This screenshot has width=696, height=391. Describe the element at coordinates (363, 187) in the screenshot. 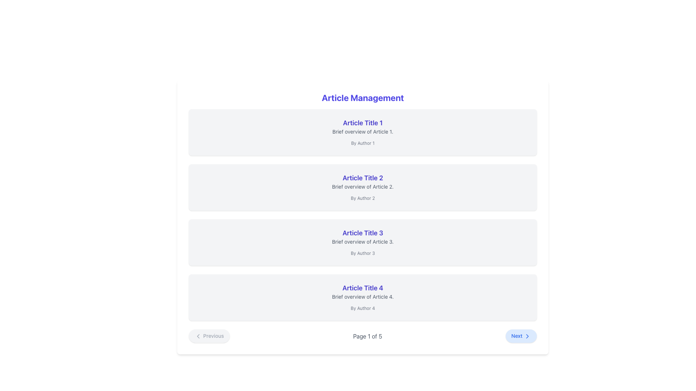

I see `the second article entry card, which displays the title, summary, and author's name, located in the central column below the first card` at that location.